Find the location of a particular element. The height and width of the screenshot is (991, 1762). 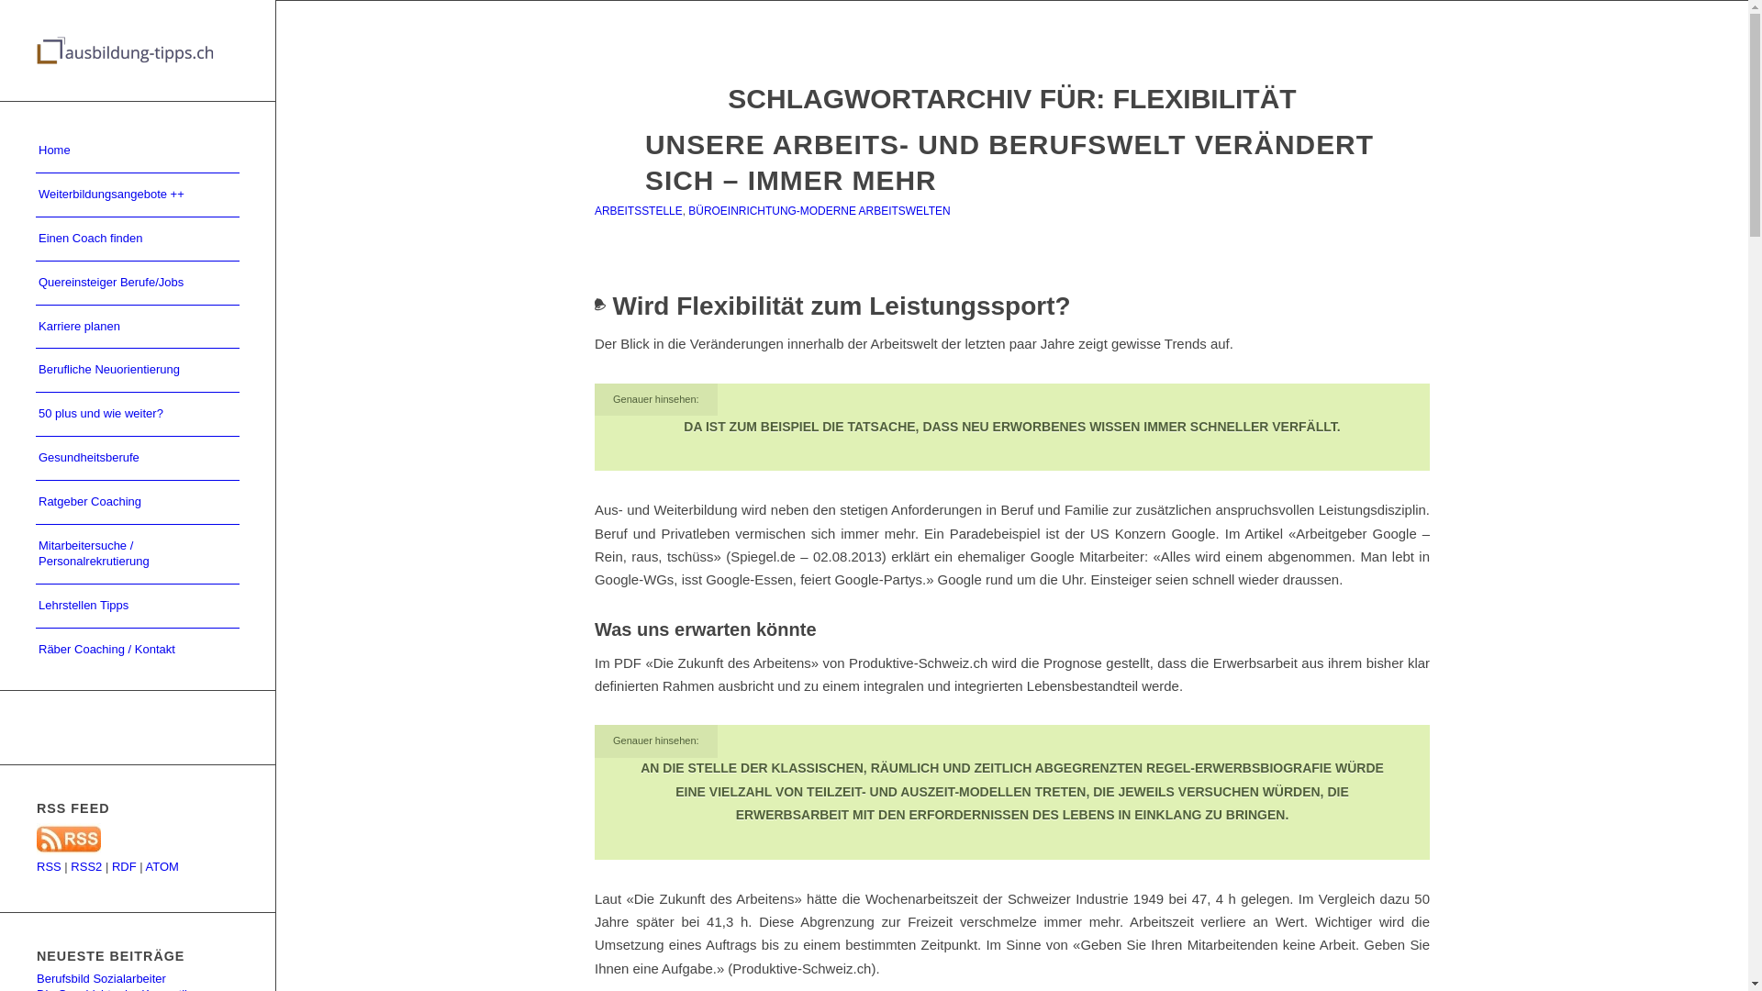

'Berufsbild Sozialarbeiter' is located at coordinates (100, 977).